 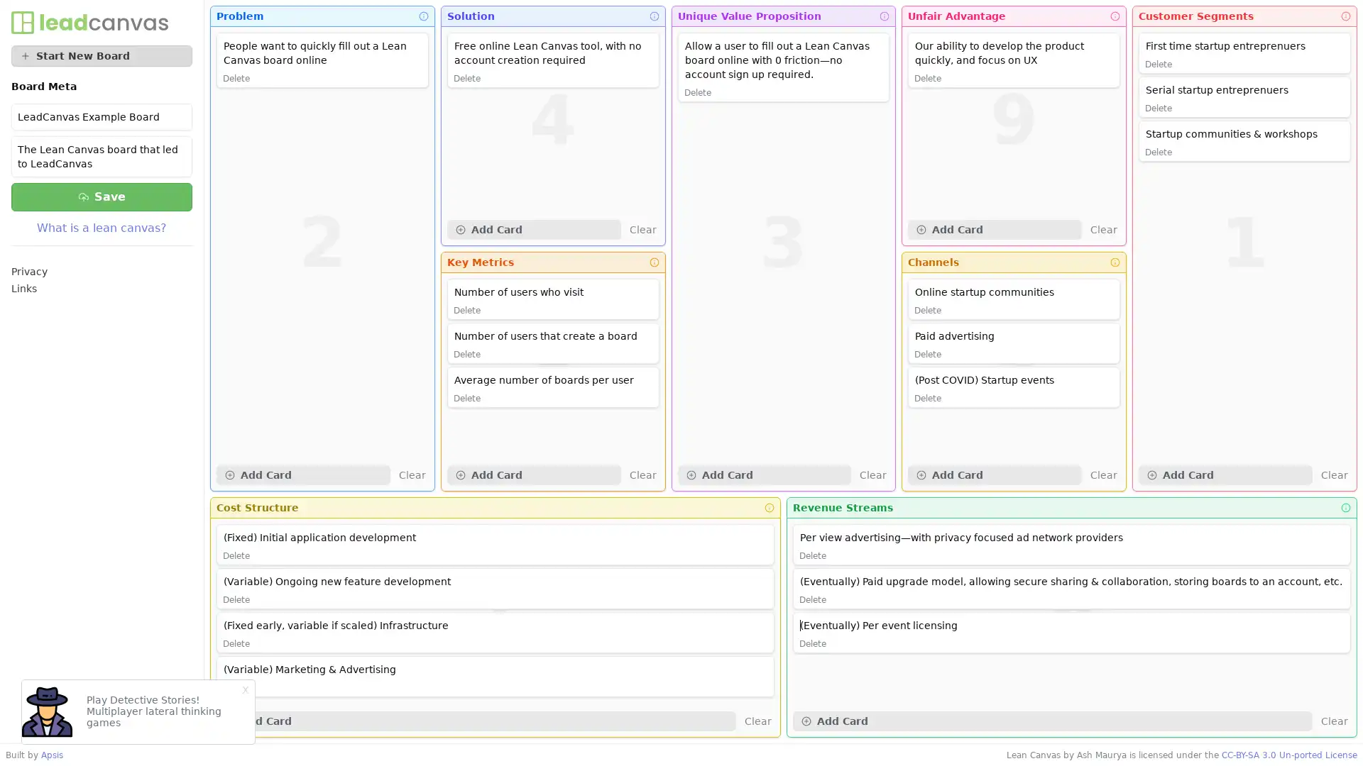 I want to click on Clear, so click(x=757, y=721).